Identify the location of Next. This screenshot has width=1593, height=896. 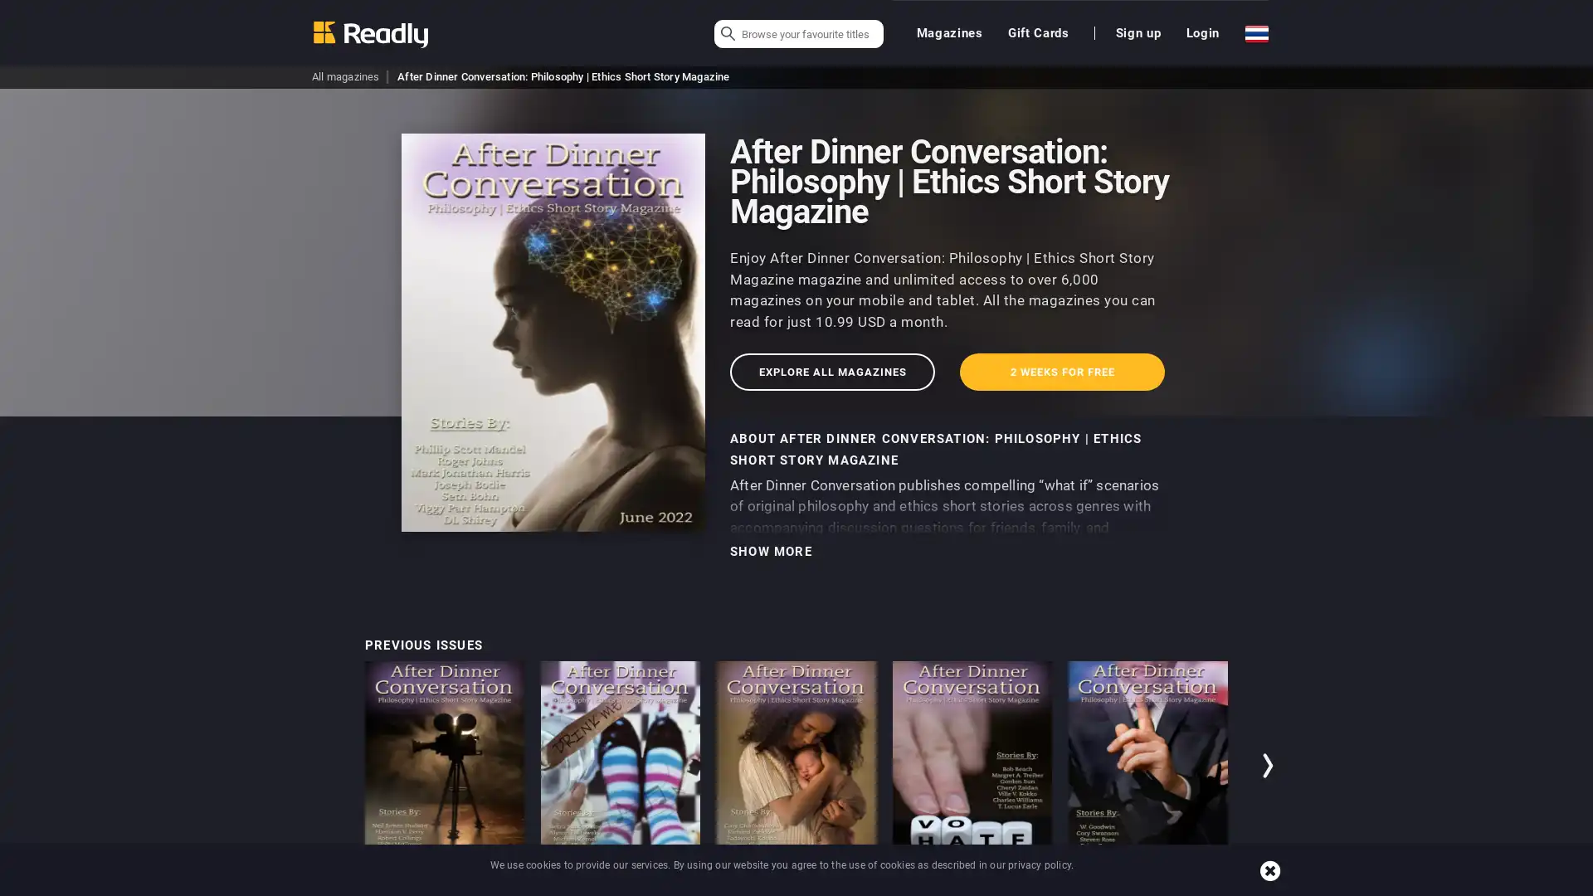
(1269, 765).